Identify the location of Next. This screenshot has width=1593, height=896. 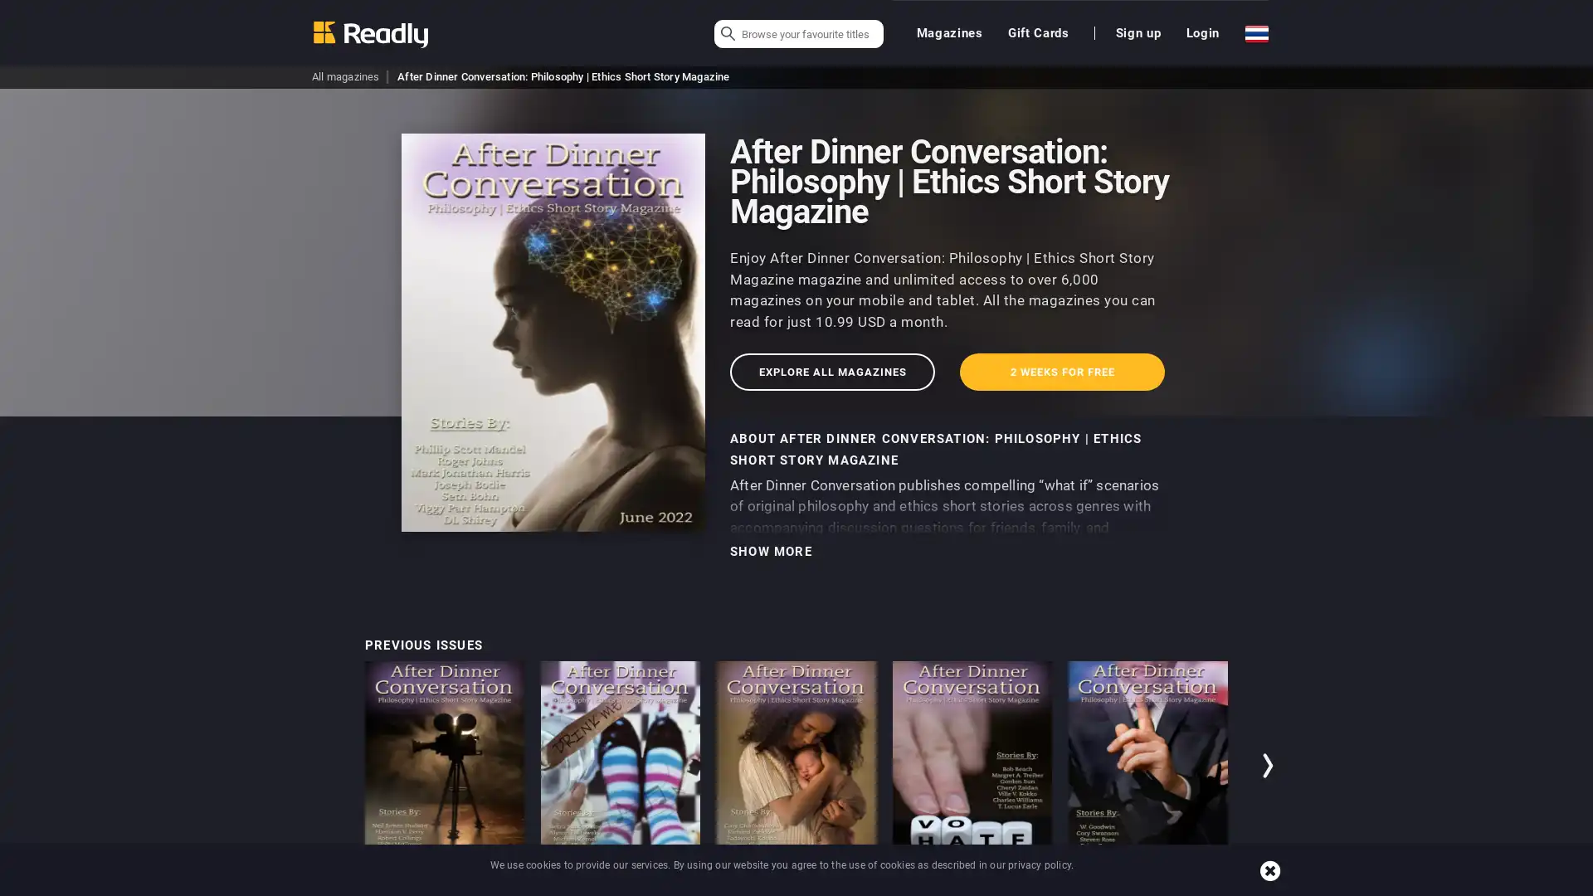
(1269, 765).